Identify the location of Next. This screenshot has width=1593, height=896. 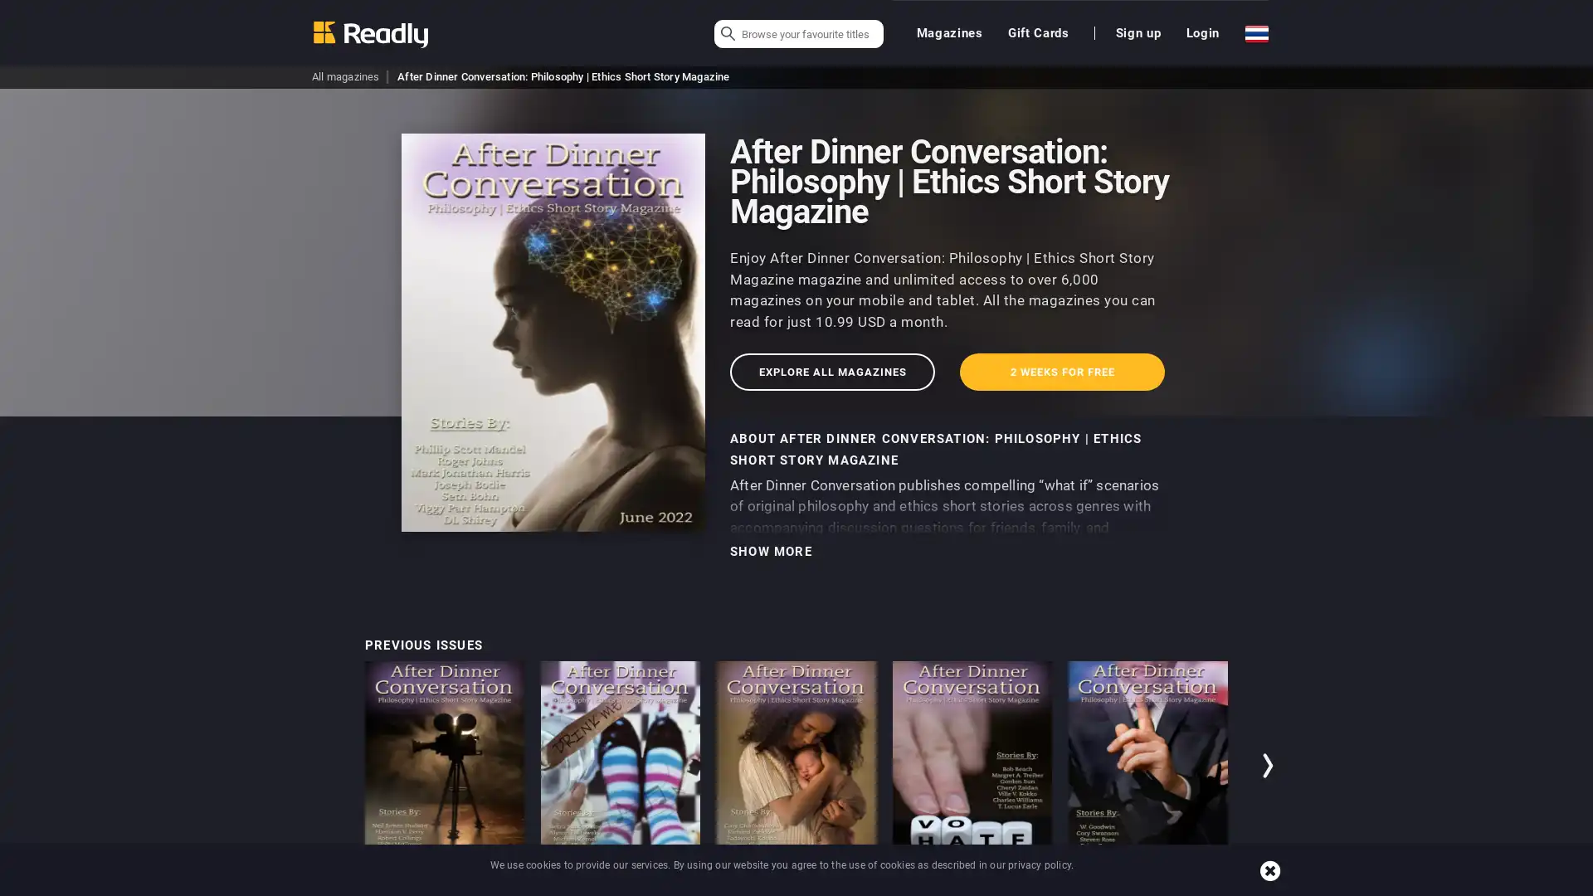
(1269, 765).